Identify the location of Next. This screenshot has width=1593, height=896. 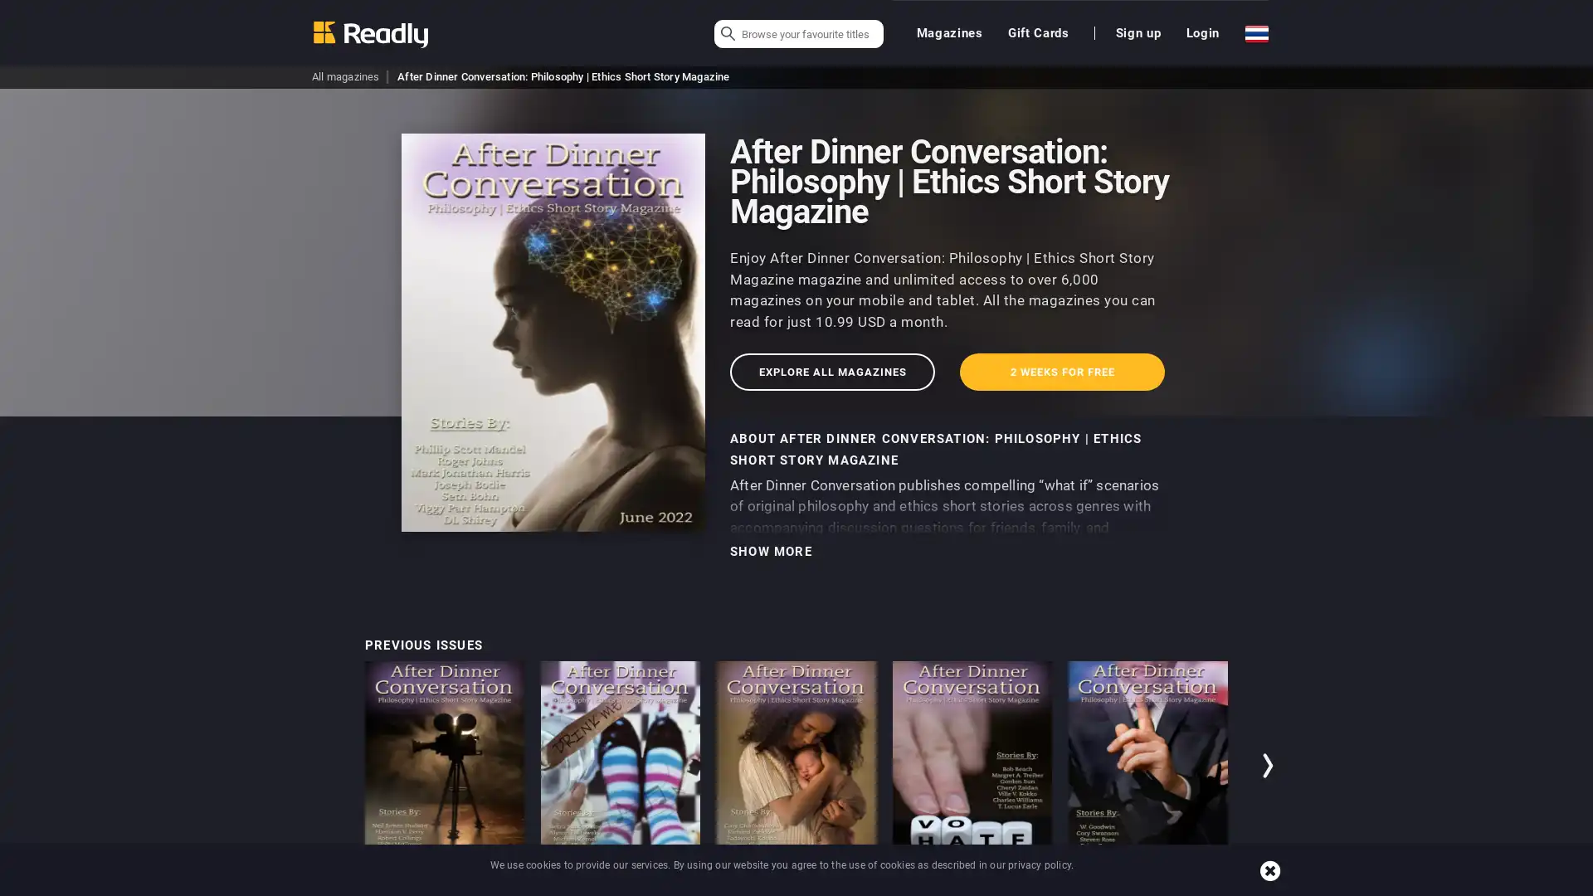
(1269, 765).